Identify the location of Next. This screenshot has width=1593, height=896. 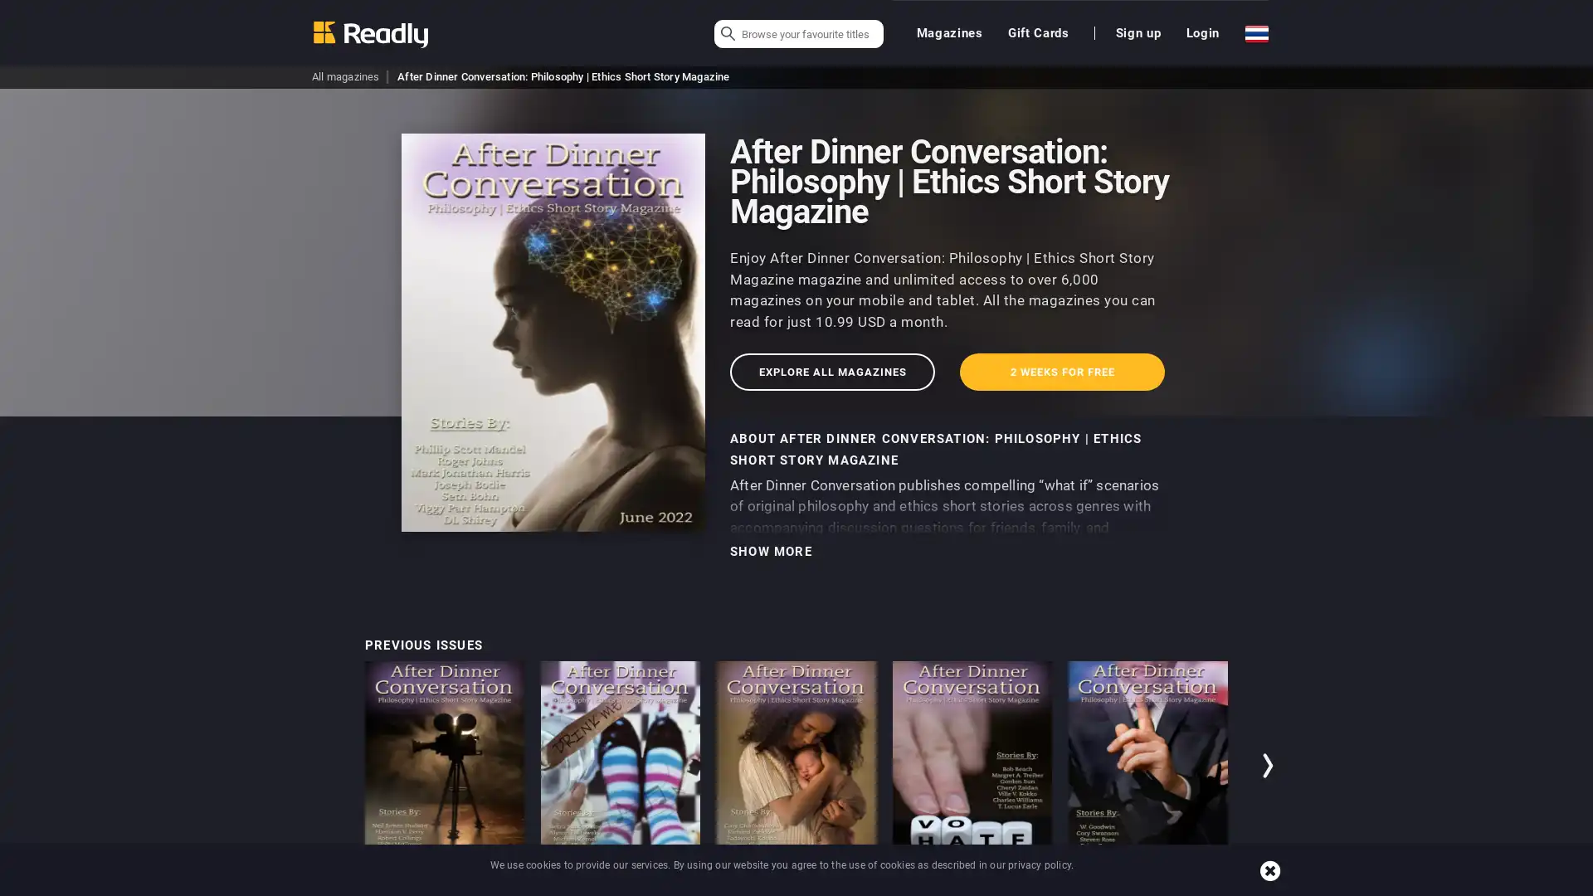
(1269, 765).